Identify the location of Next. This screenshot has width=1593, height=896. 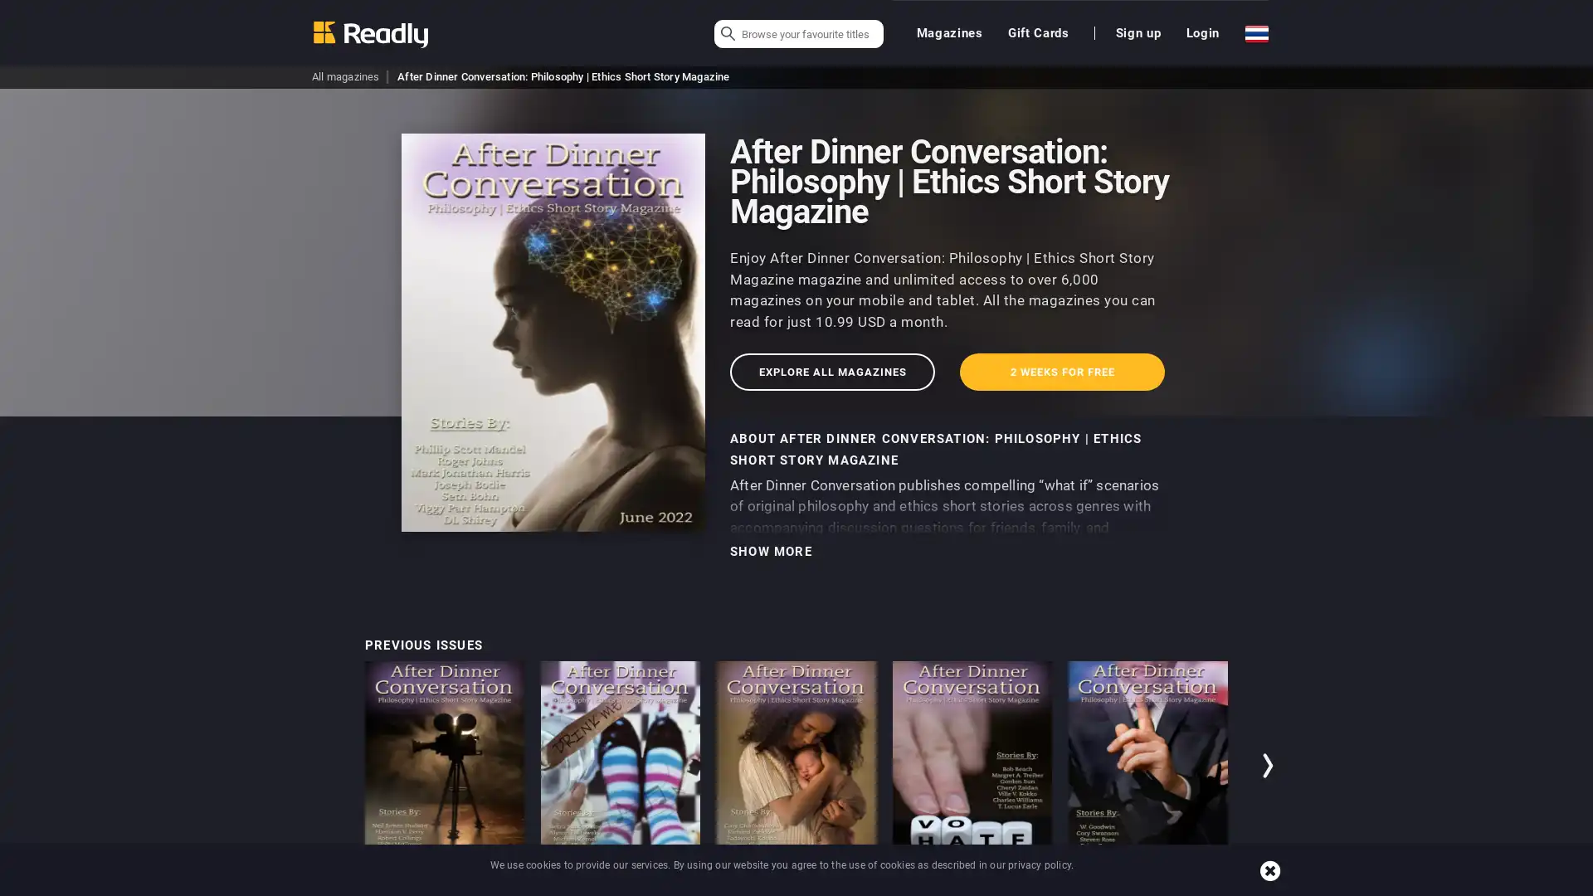
(1269, 765).